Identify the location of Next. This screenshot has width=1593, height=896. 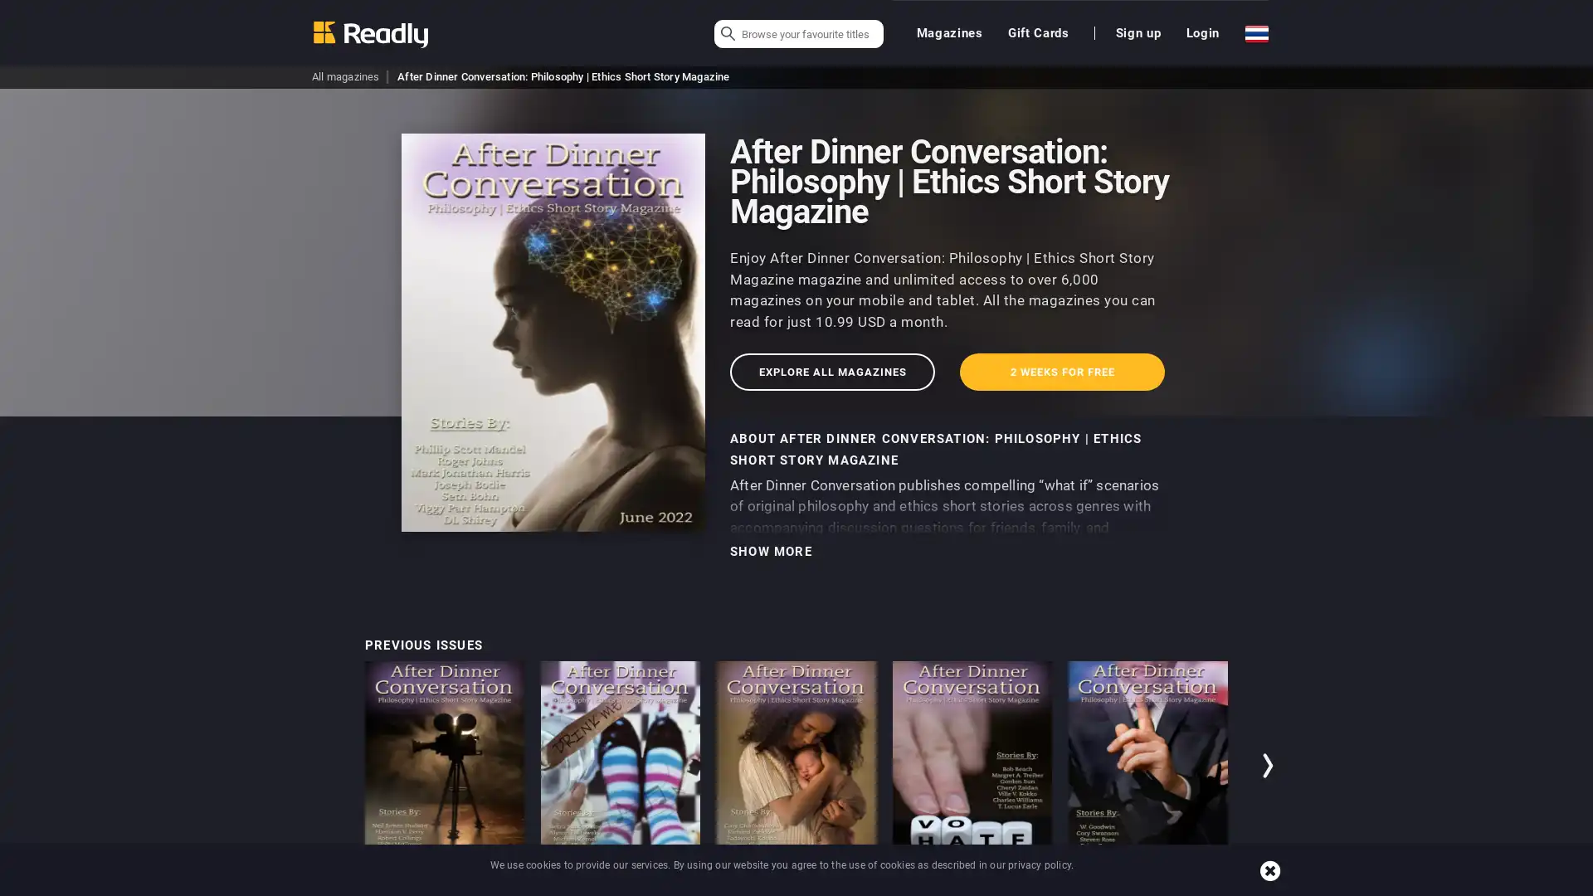
(1269, 765).